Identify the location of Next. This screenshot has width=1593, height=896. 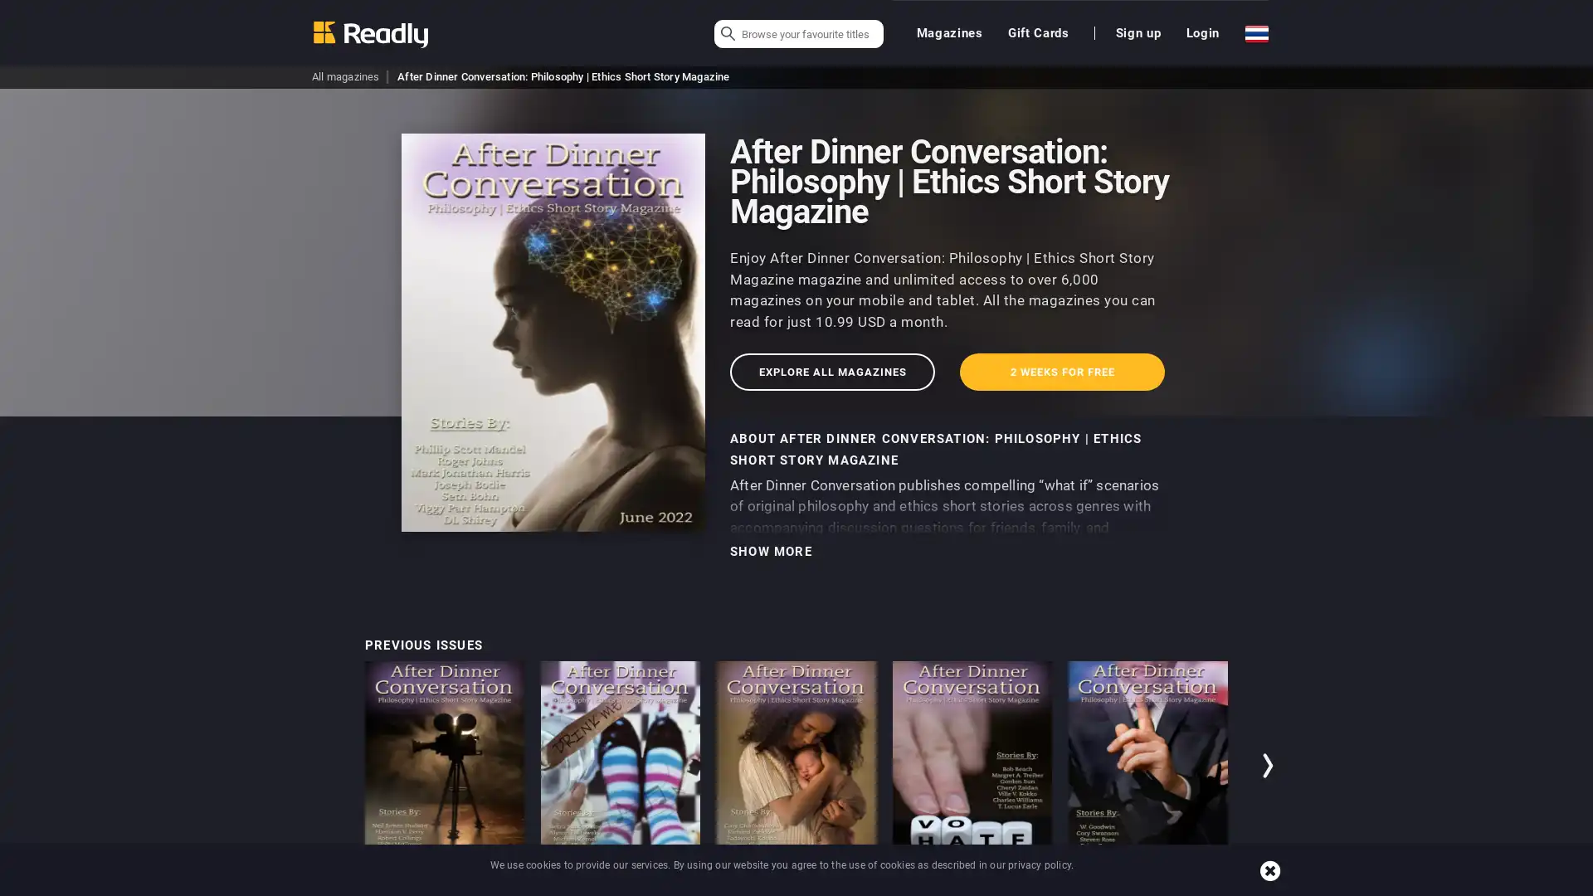
(1269, 765).